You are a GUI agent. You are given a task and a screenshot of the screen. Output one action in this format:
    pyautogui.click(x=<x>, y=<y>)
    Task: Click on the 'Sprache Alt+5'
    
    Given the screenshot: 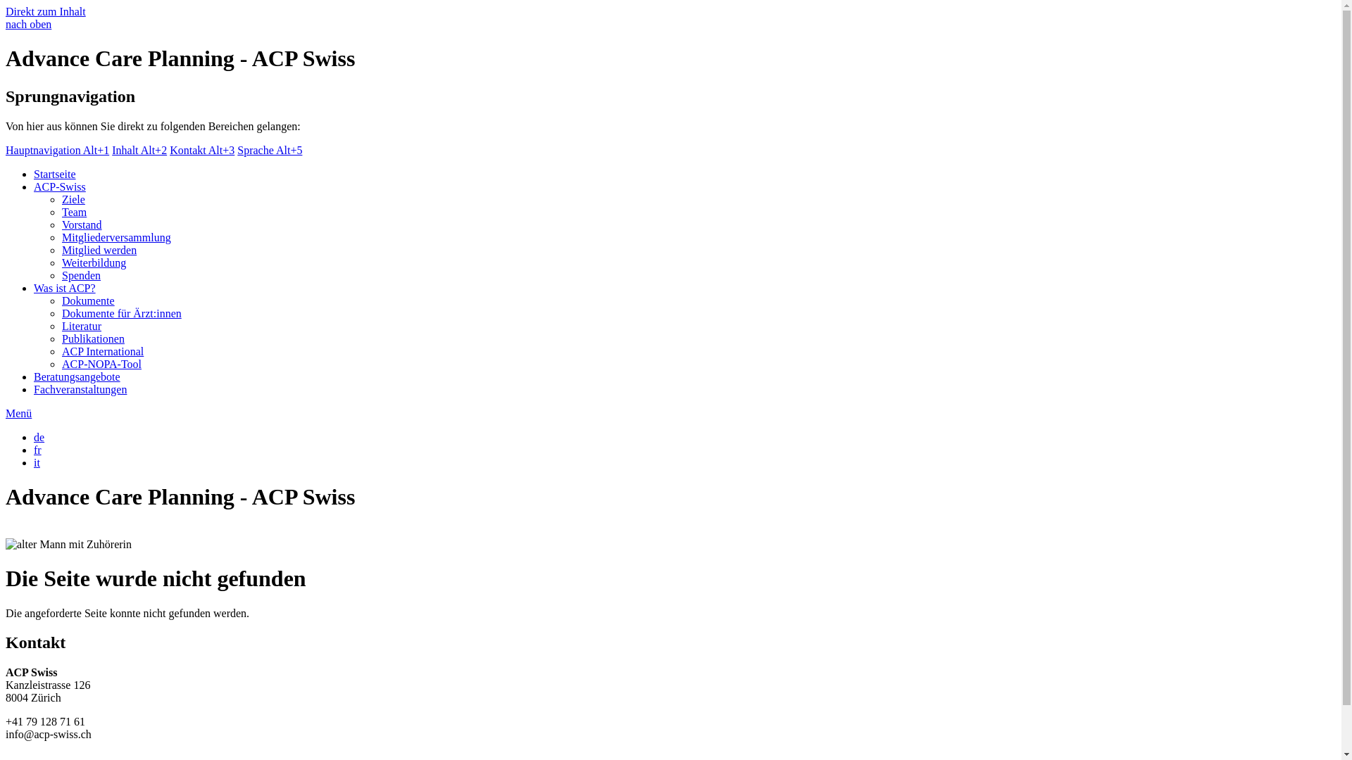 What is the action you would take?
    pyautogui.click(x=270, y=150)
    